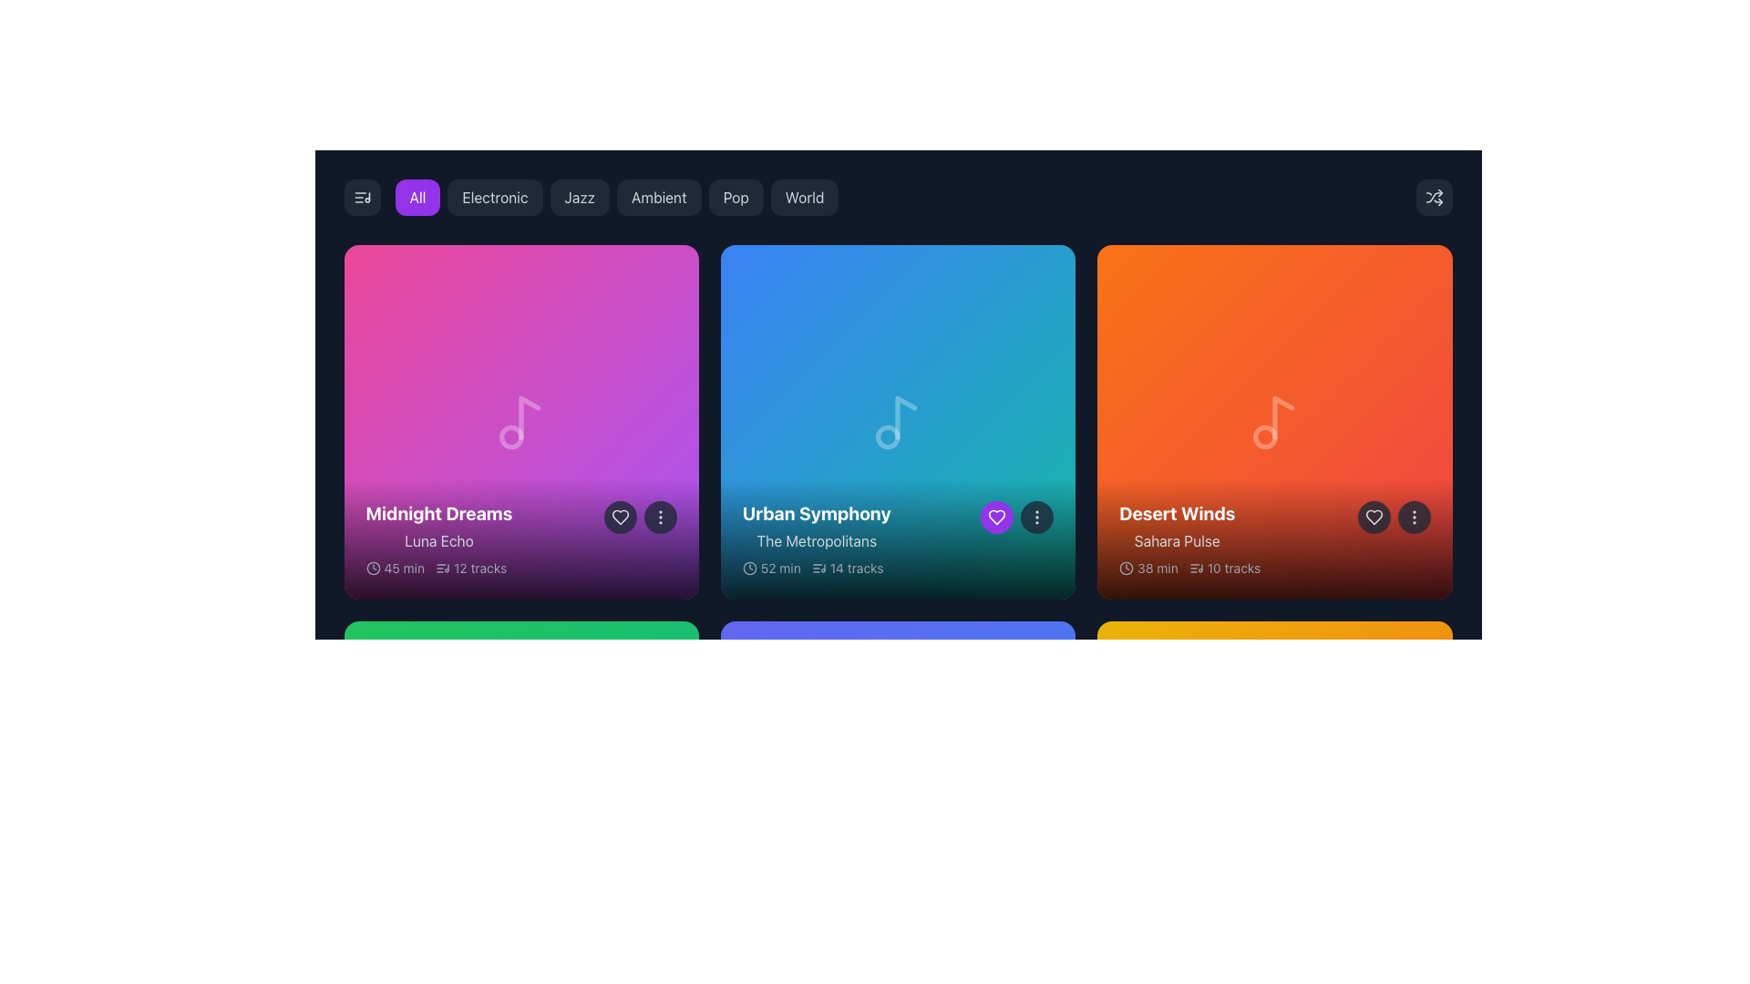  Describe the element at coordinates (818, 568) in the screenshot. I see `the music list icon, which is the leftmost element in the group that displays '14 tracks', located below the title 'Urban Symphony'` at that location.